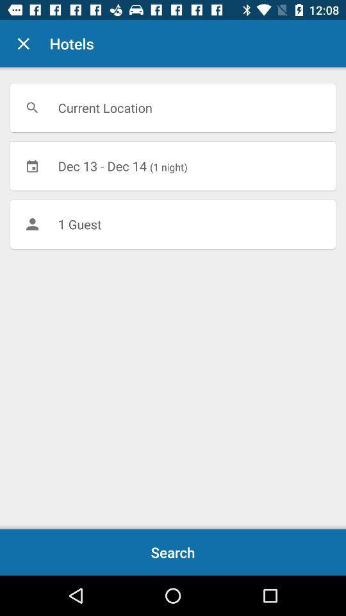 This screenshot has width=346, height=616. What do you see at coordinates (173, 224) in the screenshot?
I see `the item at the center` at bounding box center [173, 224].